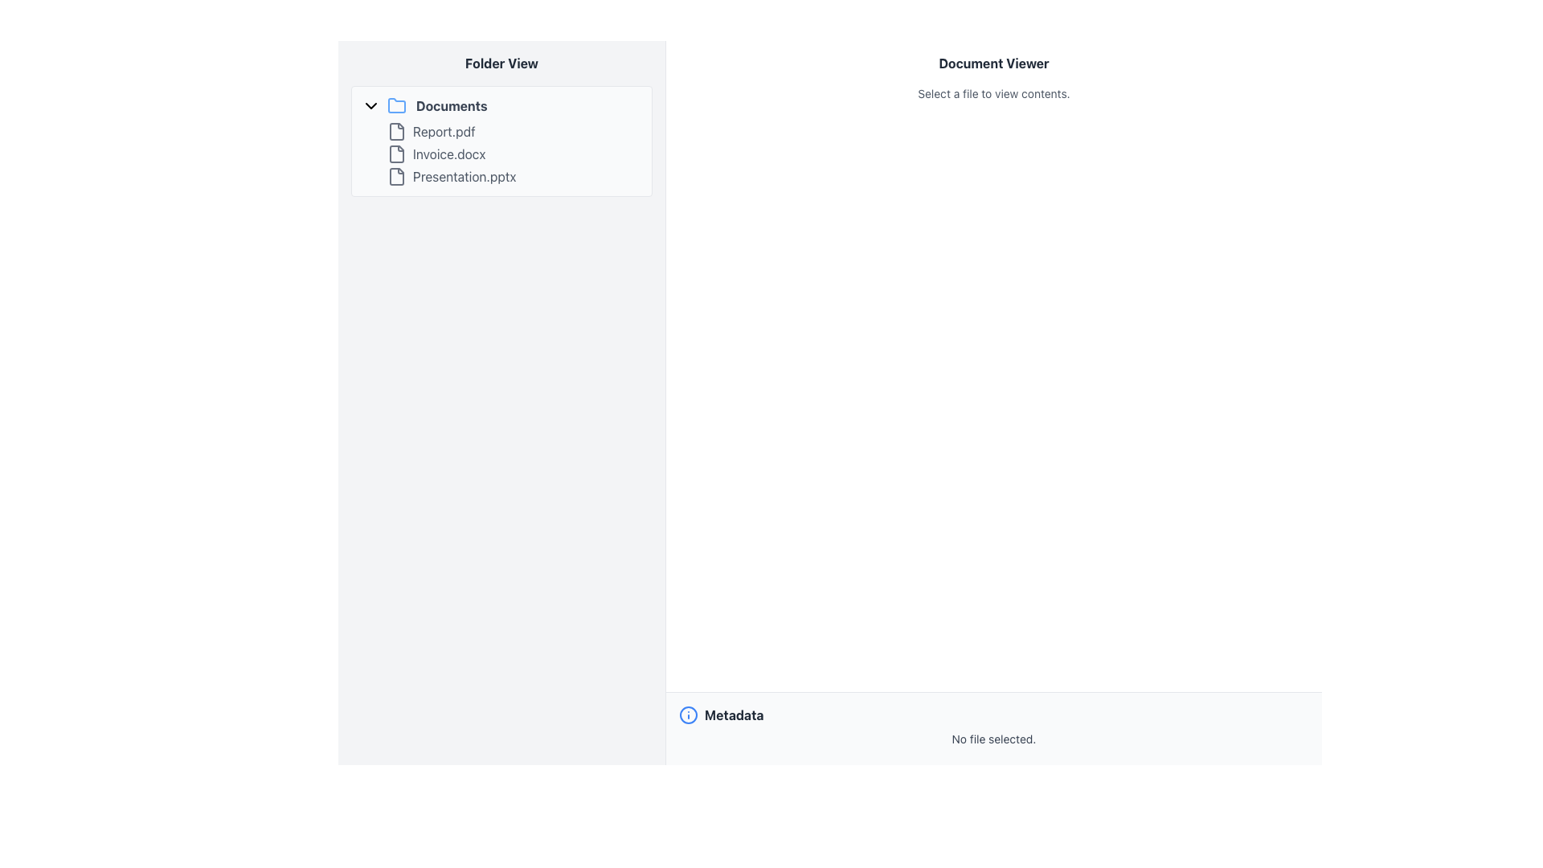  Describe the element at coordinates (689, 714) in the screenshot. I see `the outermost circular SVG element with a blue border and a white background, located near the bottom left of the layout, labeled 'Metadata'` at that location.